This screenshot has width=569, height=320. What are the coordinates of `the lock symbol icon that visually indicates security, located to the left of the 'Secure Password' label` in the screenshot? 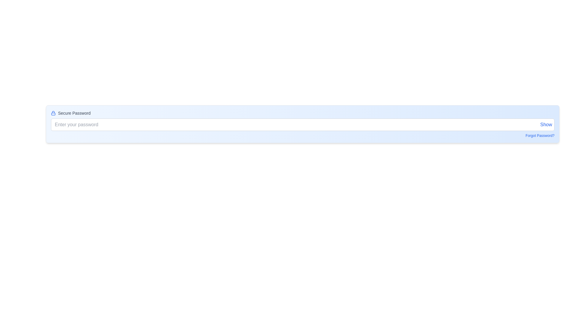 It's located at (53, 113).